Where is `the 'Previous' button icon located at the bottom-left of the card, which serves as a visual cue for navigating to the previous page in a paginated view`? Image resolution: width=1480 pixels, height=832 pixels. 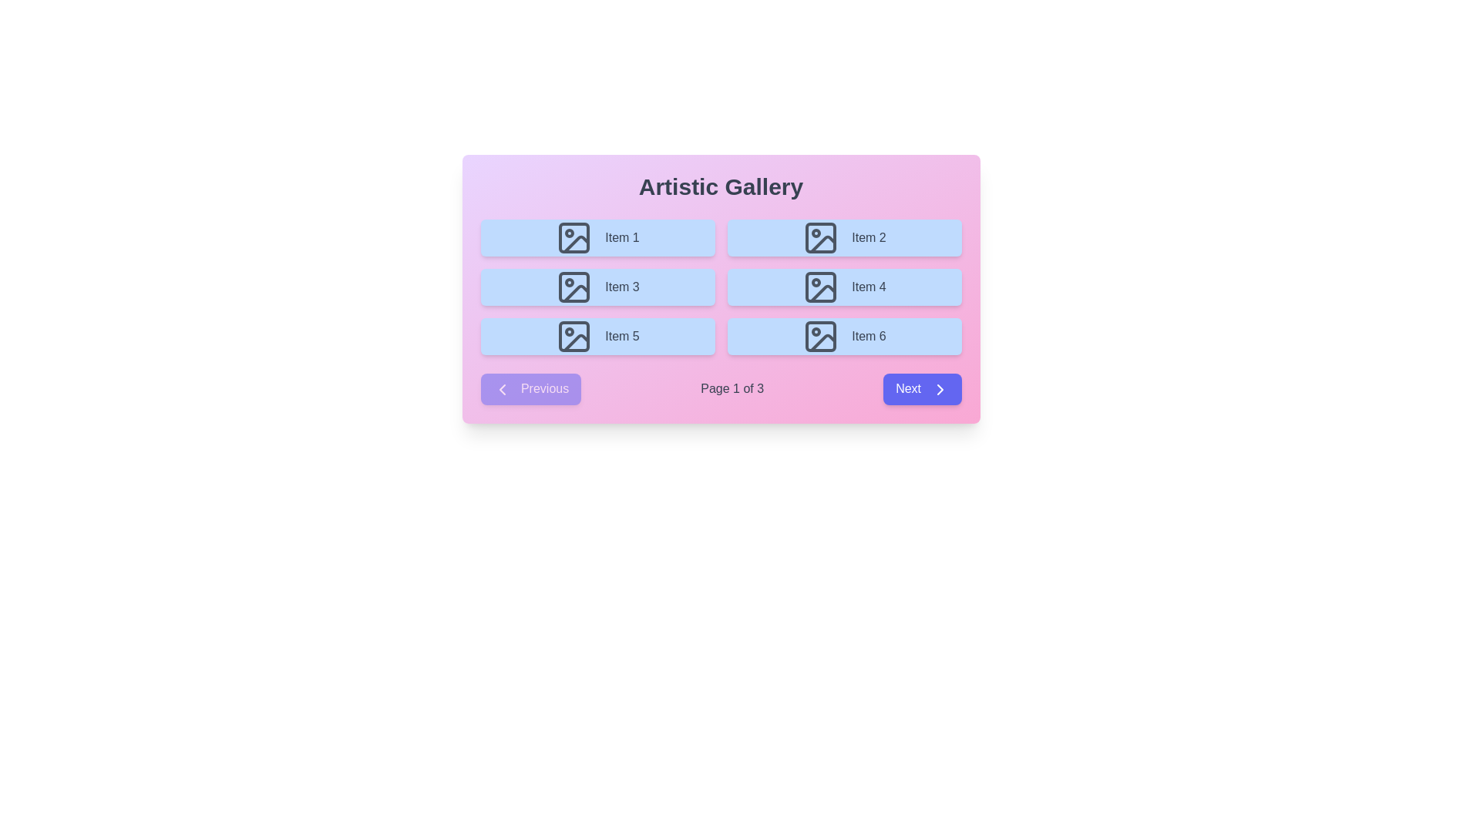 the 'Previous' button icon located at the bottom-left of the card, which serves as a visual cue for navigating to the previous page in a paginated view is located at coordinates (502, 388).